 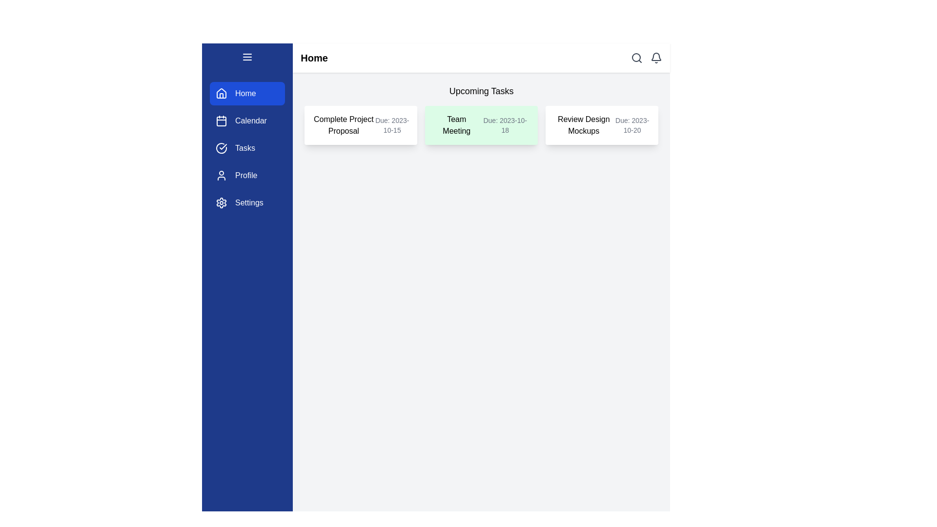 What do you see at coordinates (247, 148) in the screenshot?
I see `the third button in the vertical navigation menu on the left side of the interface` at bounding box center [247, 148].